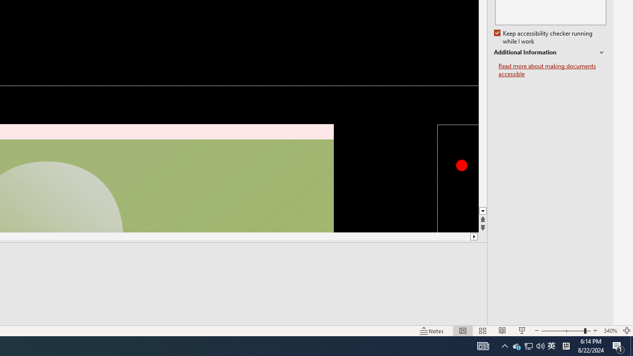  What do you see at coordinates (610, 331) in the screenshot?
I see `'Zoom 340%'` at bounding box center [610, 331].